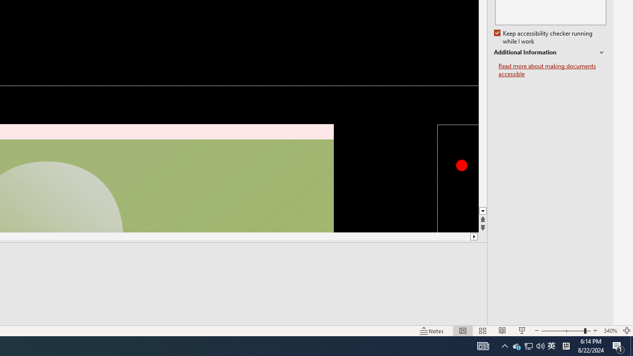  What do you see at coordinates (610, 331) in the screenshot?
I see `'Zoom 340%'` at bounding box center [610, 331].